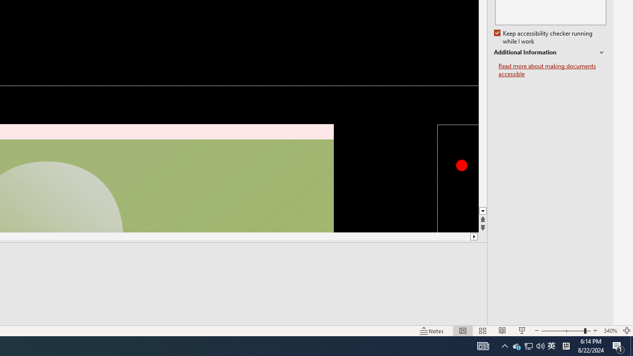  What do you see at coordinates (610, 331) in the screenshot?
I see `'Zoom 340%'` at bounding box center [610, 331].